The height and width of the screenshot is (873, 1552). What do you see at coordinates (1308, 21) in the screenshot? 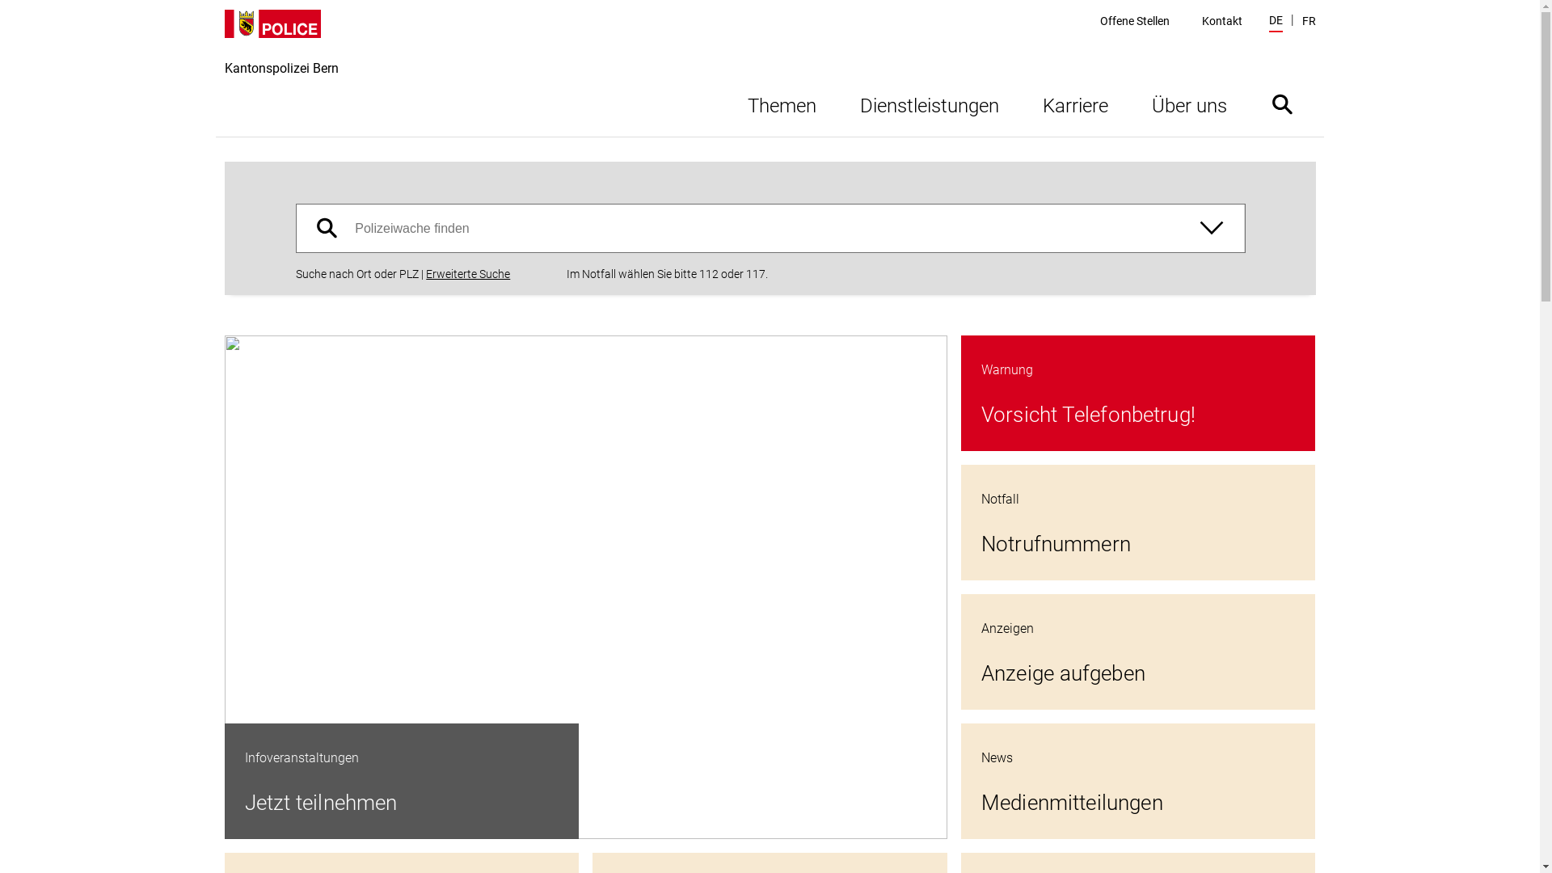
I see `'FR'` at bounding box center [1308, 21].